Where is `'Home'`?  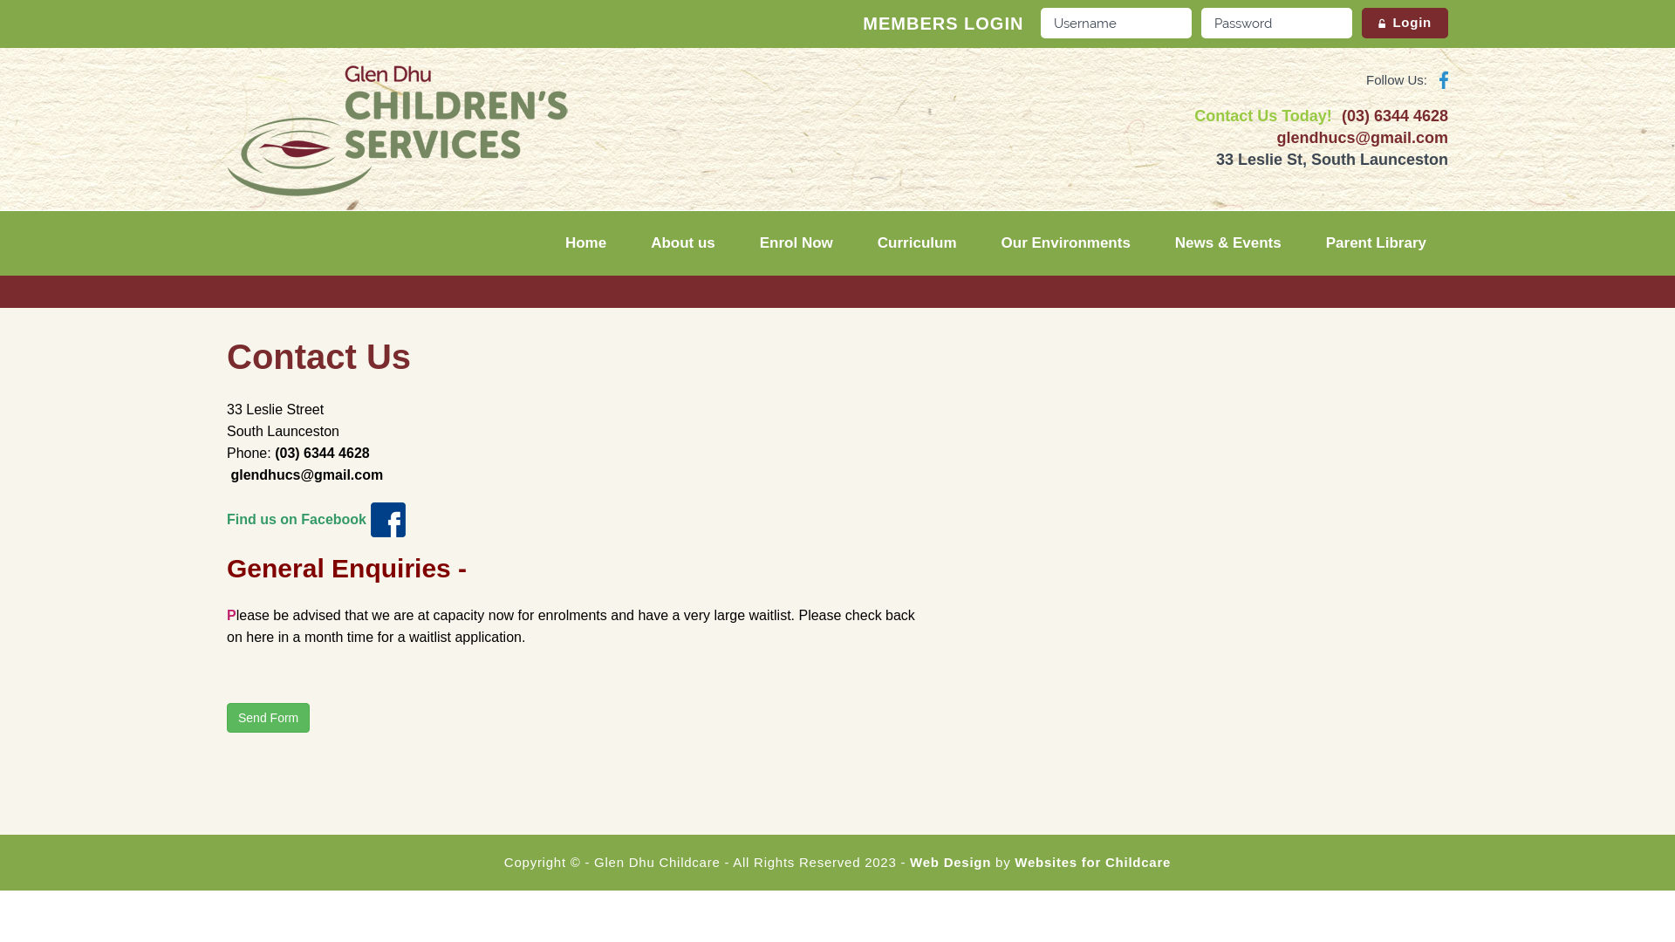 'Home' is located at coordinates (543, 242).